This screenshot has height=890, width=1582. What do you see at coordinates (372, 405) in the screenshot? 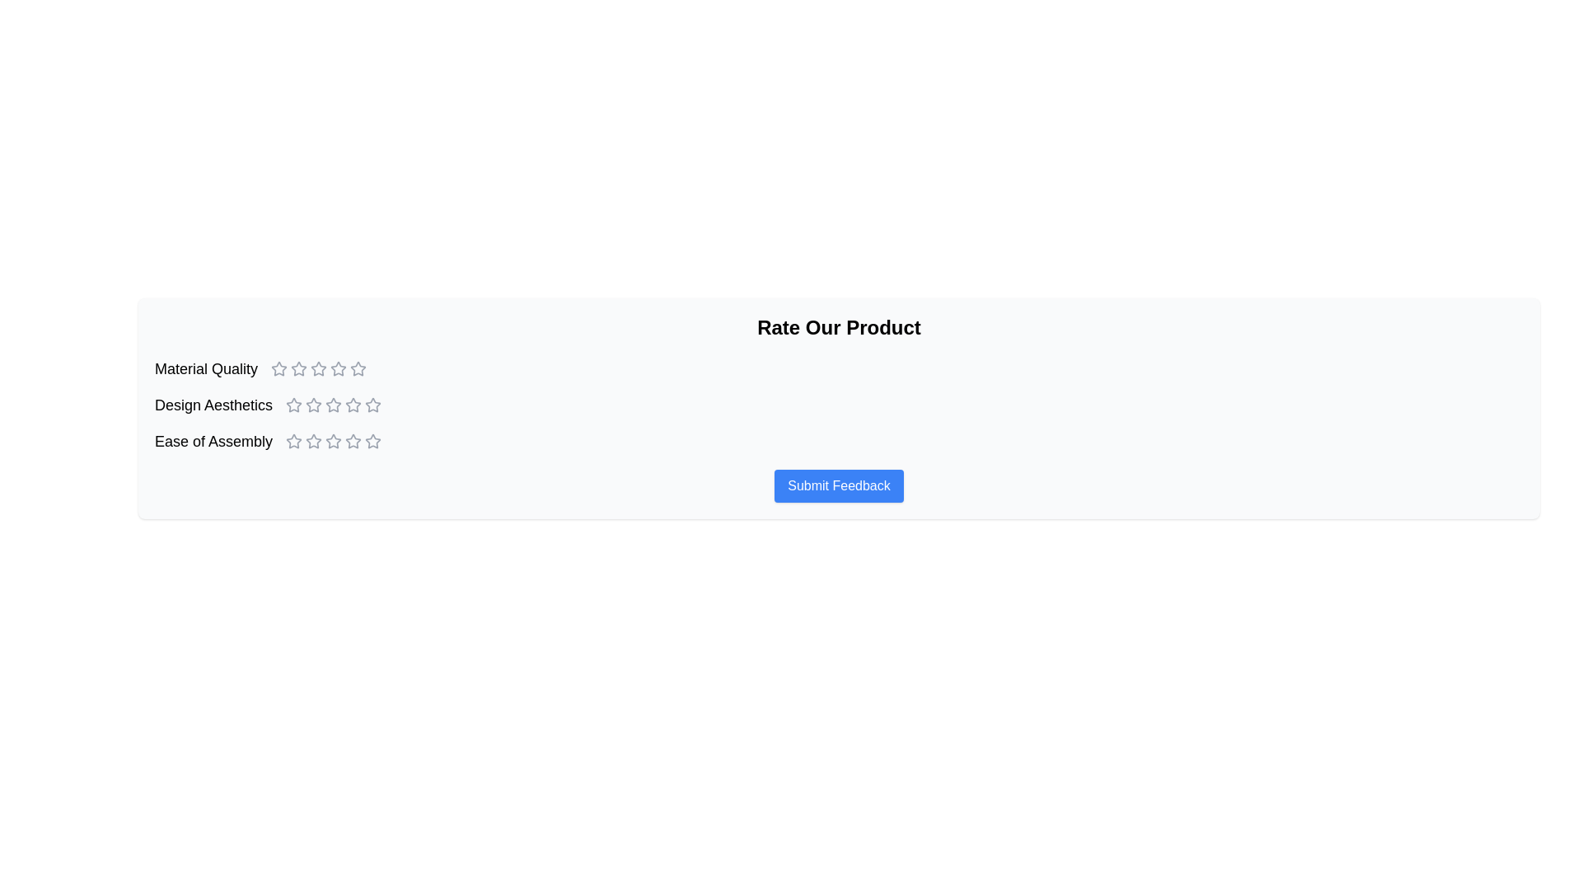
I see `the fifth star icon in the 'Design Aesthetics' rating category` at bounding box center [372, 405].